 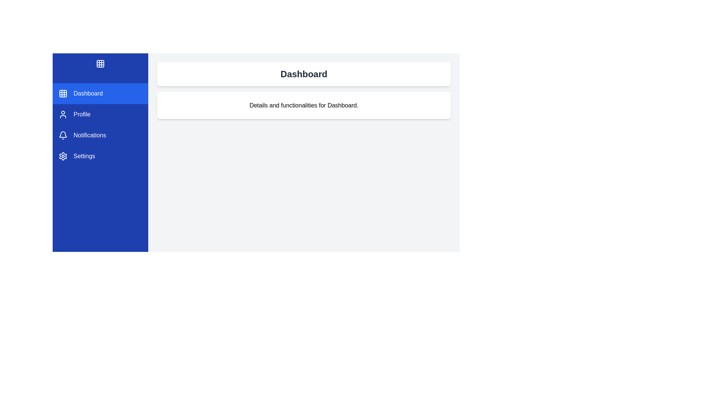 What do you see at coordinates (90, 135) in the screenshot?
I see `the 'Notifications' text label, which is the third entry in the vertical navigation menu, to interact with it` at bounding box center [90, 135].